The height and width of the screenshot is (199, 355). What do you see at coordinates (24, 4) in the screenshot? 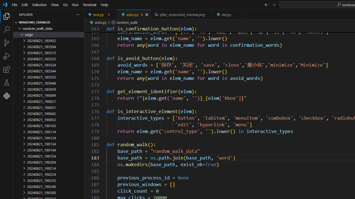
I see `'Edit'` at bounding box center [24, 4].